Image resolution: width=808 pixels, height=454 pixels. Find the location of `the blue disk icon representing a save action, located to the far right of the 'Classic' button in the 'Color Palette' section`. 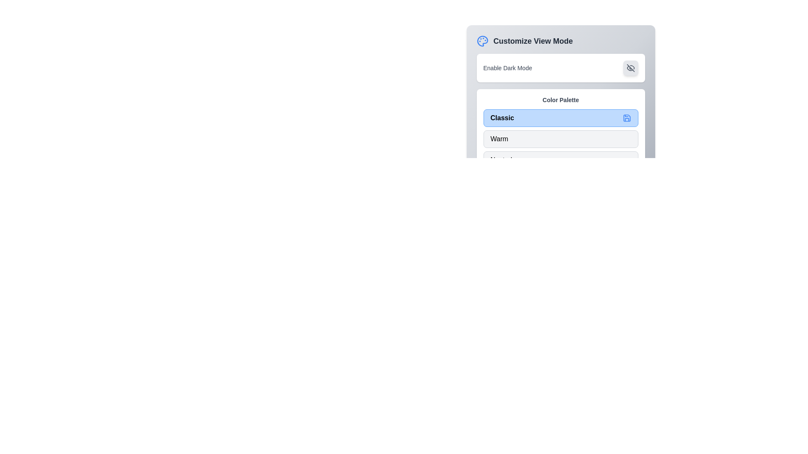

the blue disk icon representing a save action, located to the far right of the 'Classic' button in the 'Color Palette' section is located at coordinates (627, 118).